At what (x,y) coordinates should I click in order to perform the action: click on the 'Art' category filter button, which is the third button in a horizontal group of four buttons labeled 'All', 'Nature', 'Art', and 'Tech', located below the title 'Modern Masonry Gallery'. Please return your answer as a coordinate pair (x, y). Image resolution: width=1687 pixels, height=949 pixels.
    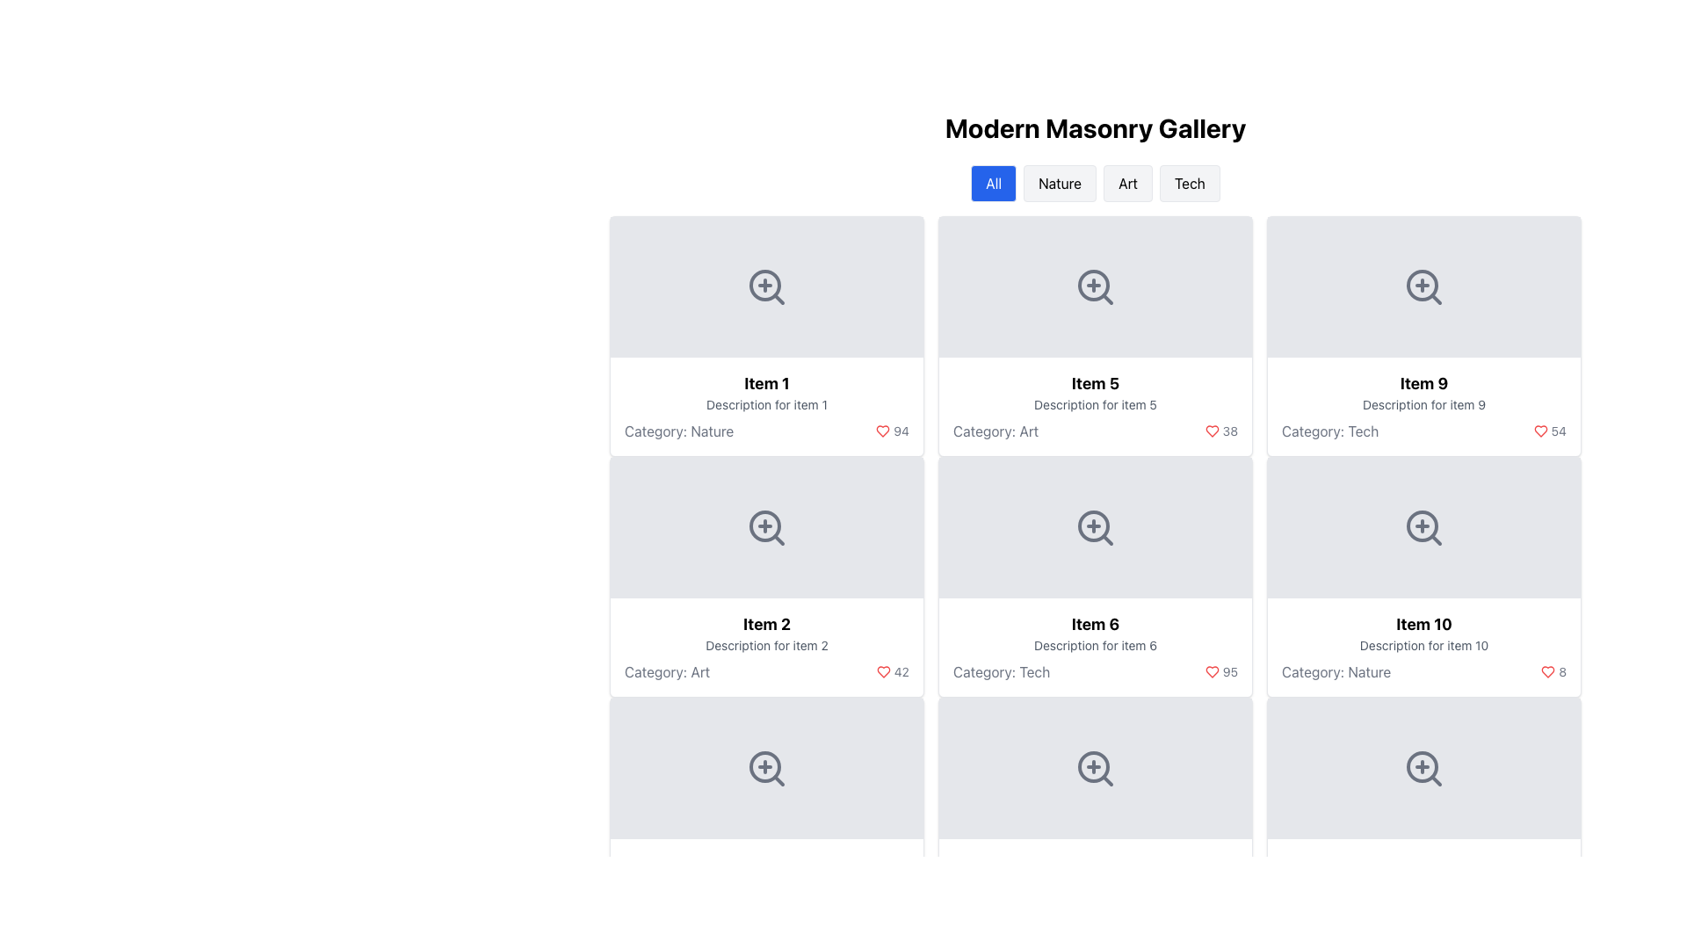
    Looking at the image, I should click on (1128, 183).